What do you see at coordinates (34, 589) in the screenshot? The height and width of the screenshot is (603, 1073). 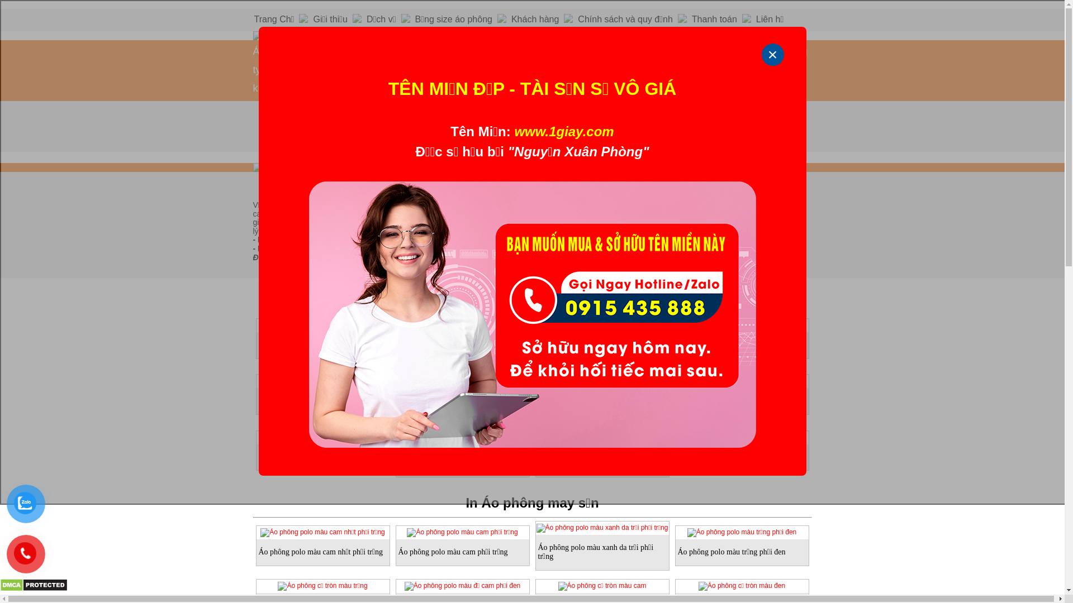 I see `'DMCA.com Protection Status'` at bounding box center [34, 589].